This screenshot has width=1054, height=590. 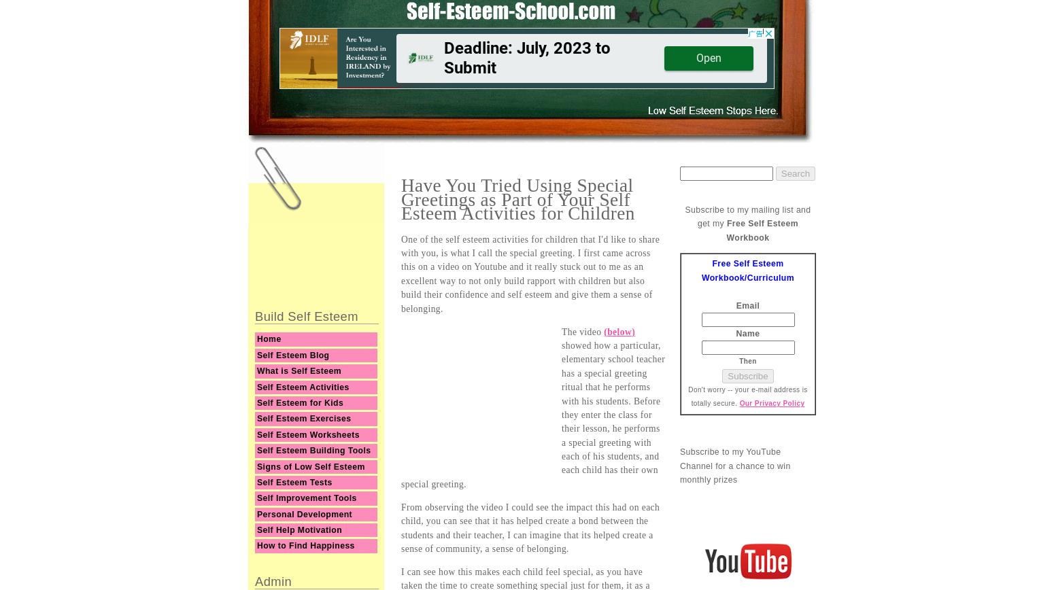 I want to click on 'Admin', so click(x=273, y=580).